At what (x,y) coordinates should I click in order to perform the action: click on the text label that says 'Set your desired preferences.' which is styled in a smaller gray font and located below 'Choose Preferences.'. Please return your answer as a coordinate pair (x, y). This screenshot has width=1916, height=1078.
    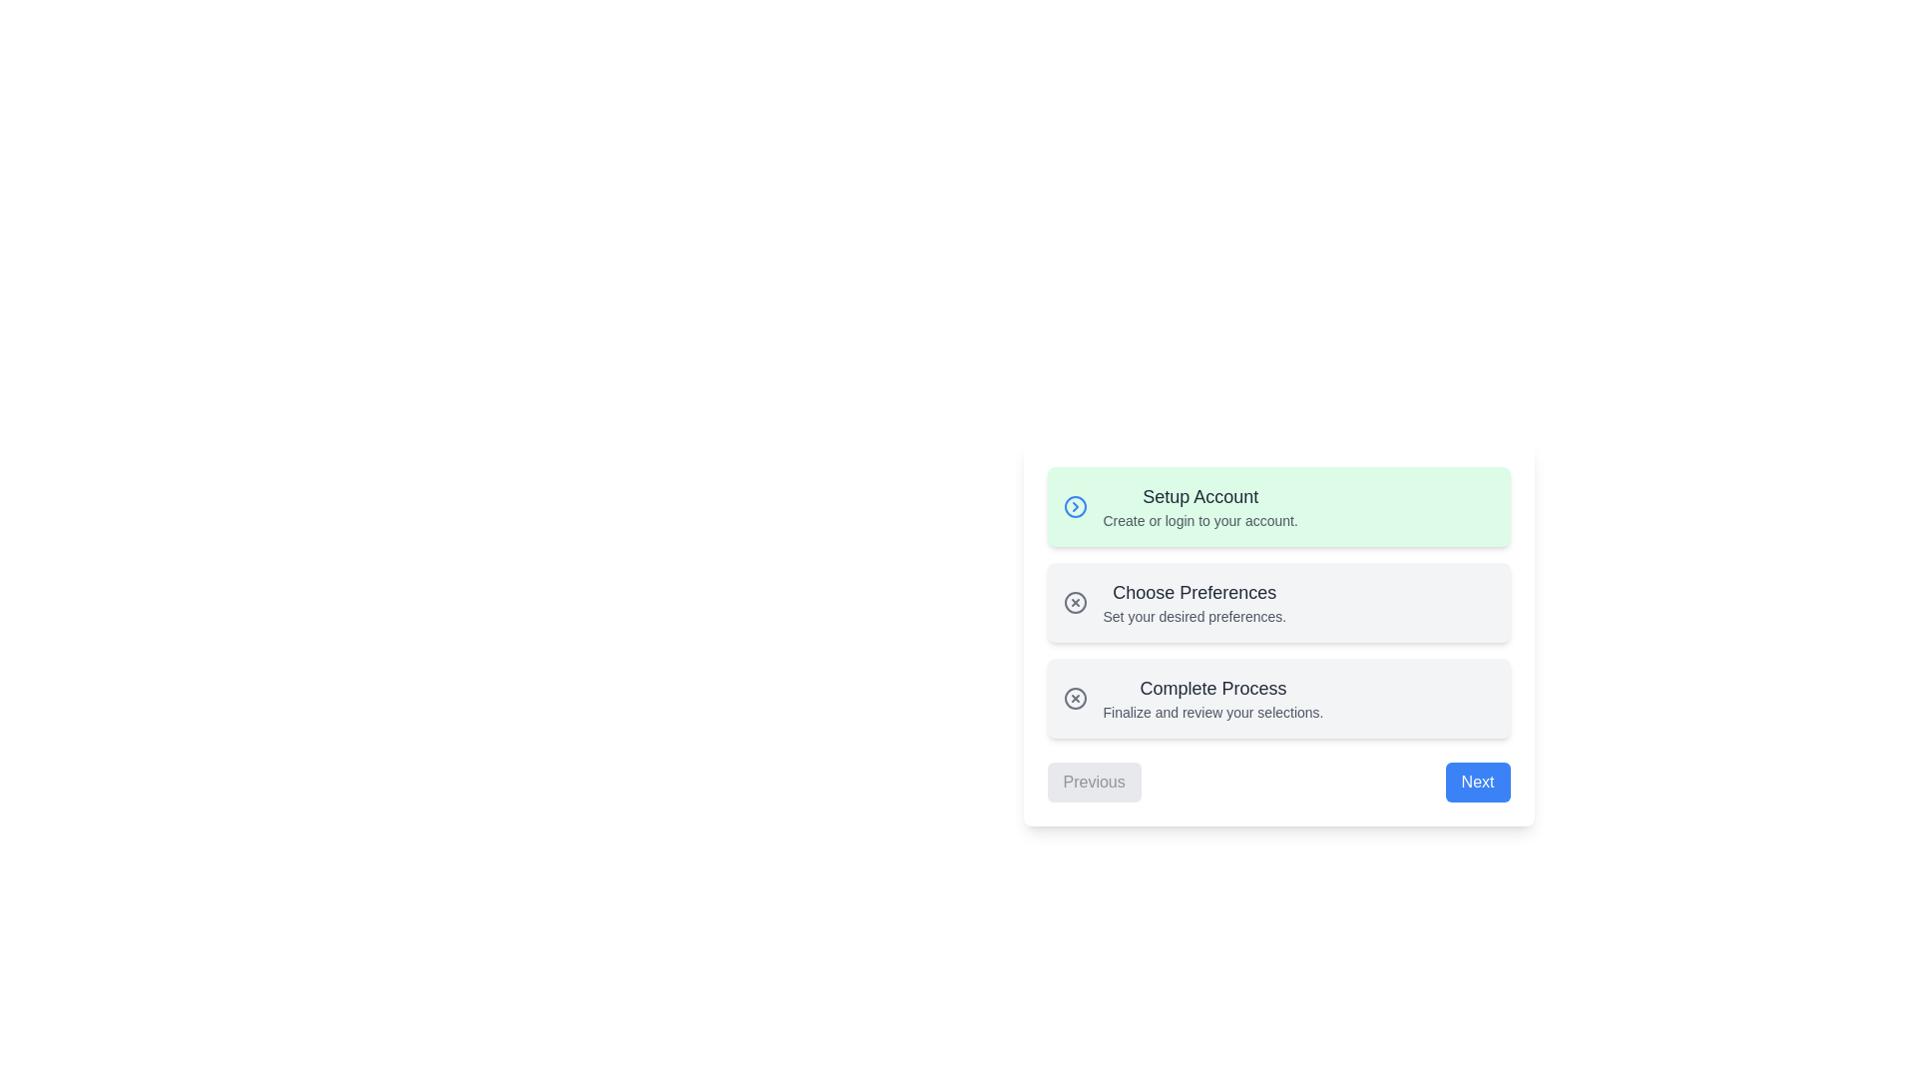
    Looking at the image, I should click on (1195, 615).